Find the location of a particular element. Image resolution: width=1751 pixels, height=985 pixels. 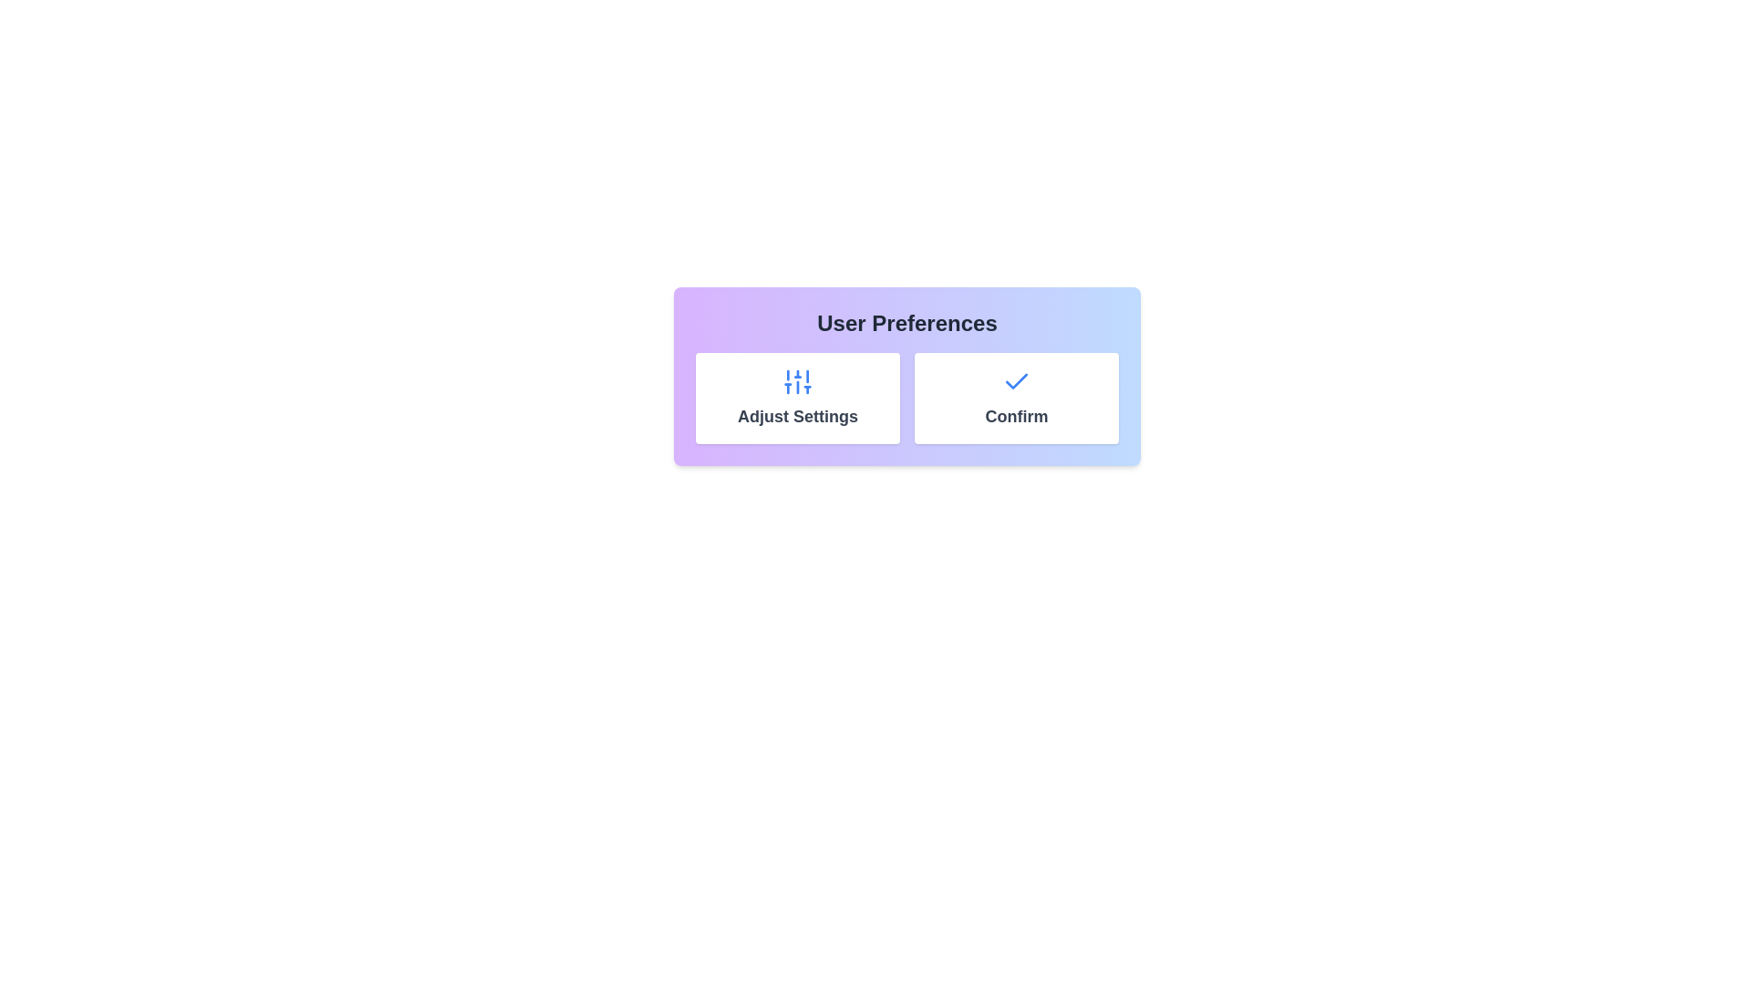

the user settings modification button located in the left column of a two-column grid layout to trigger visual changes is located at coordinates (797, 397).